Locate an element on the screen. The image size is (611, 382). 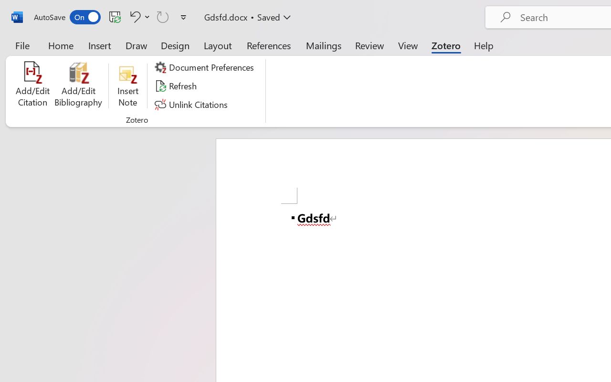
'Add/Edit Citation' is located at coordinates (32, 85).